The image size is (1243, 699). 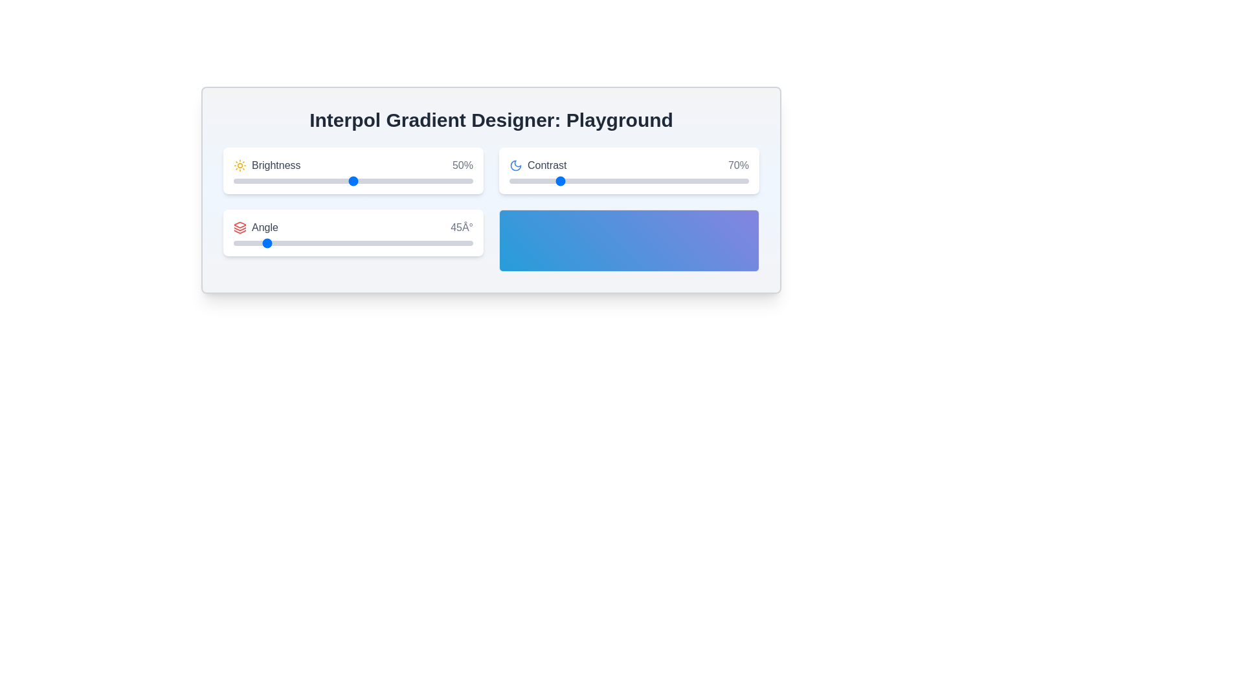 I want to click on the contrast level, so click(x=688, y=181).